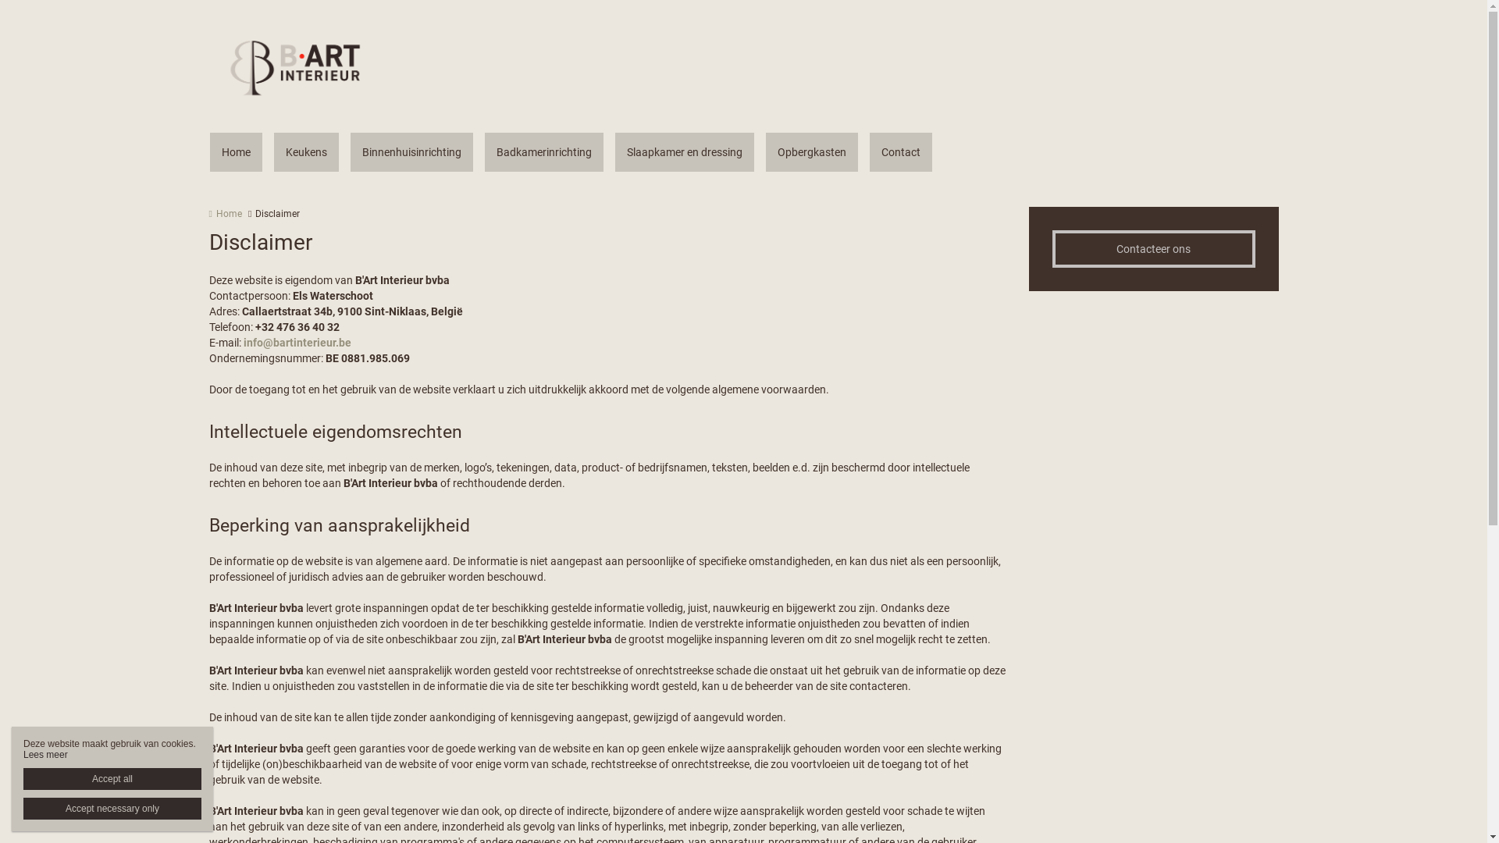  Describe the element at coordinates (900, 152) in the screenshot. I see `'Contact'` at that location.